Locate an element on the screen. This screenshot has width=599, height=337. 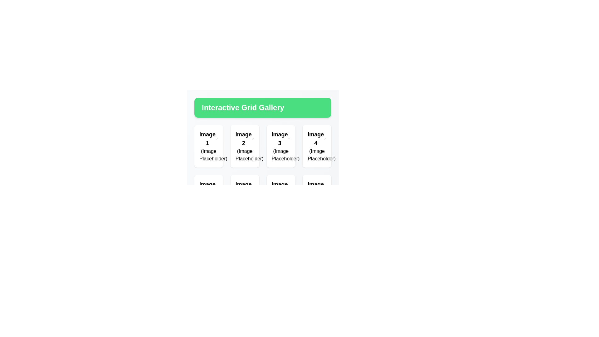
text of the label displaying 'Image 4', which is styled in bold and located in the fourth cell of the grid layout under the 'Interactive Grid Gallery' title is located at coordinates (317, 138).